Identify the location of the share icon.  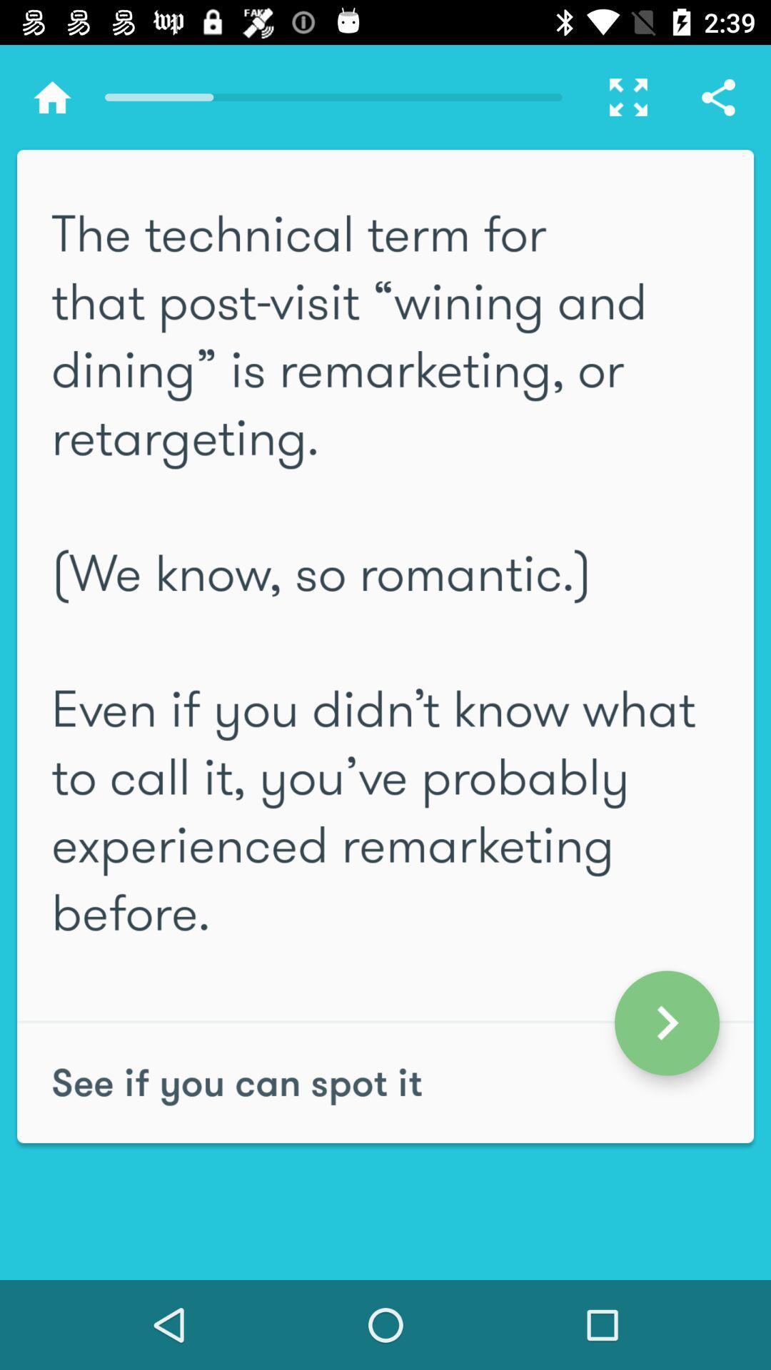
(718, 96).